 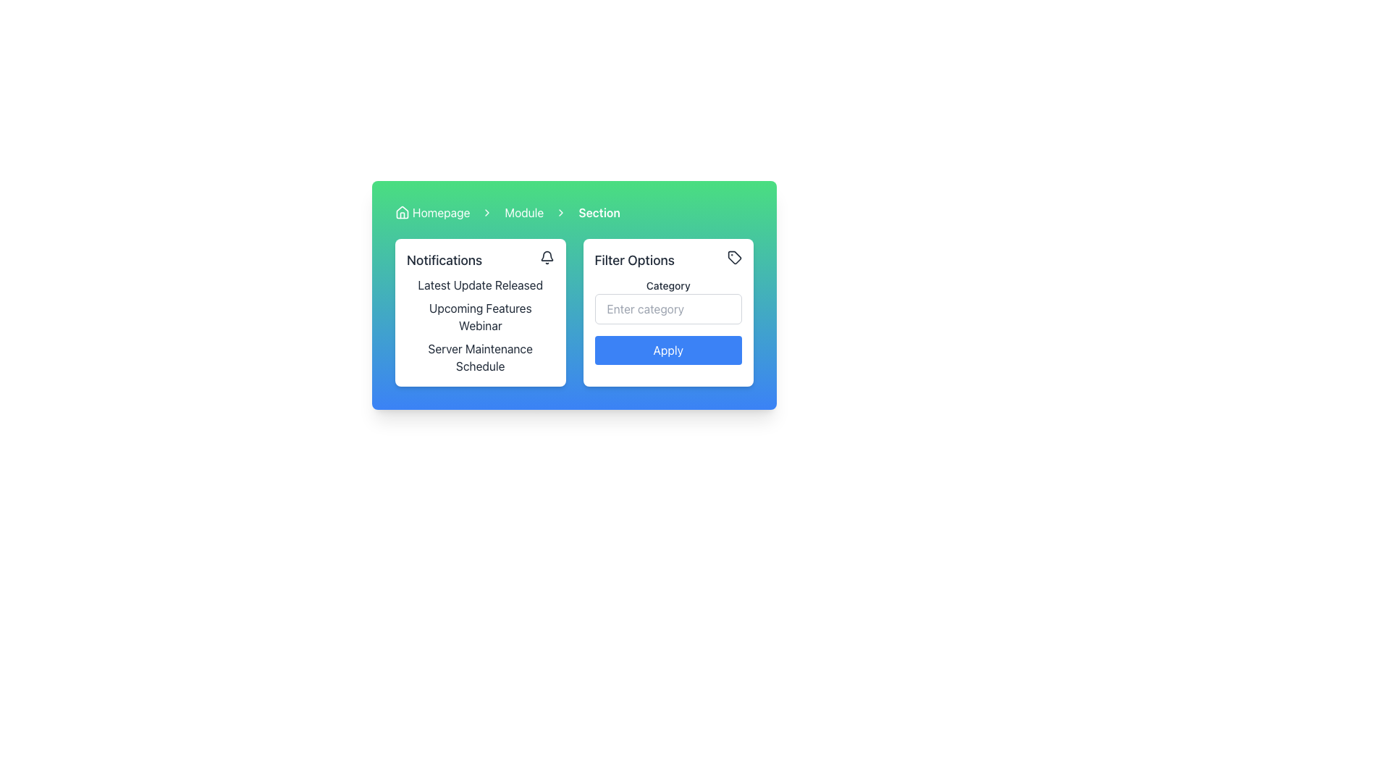 I want to click on the 'Homepage' icon located in the upper-left region of the interface within the breadcrumb navigation bar, which visually represents the concept of the 'Homepage', so click(x=403, y=212).